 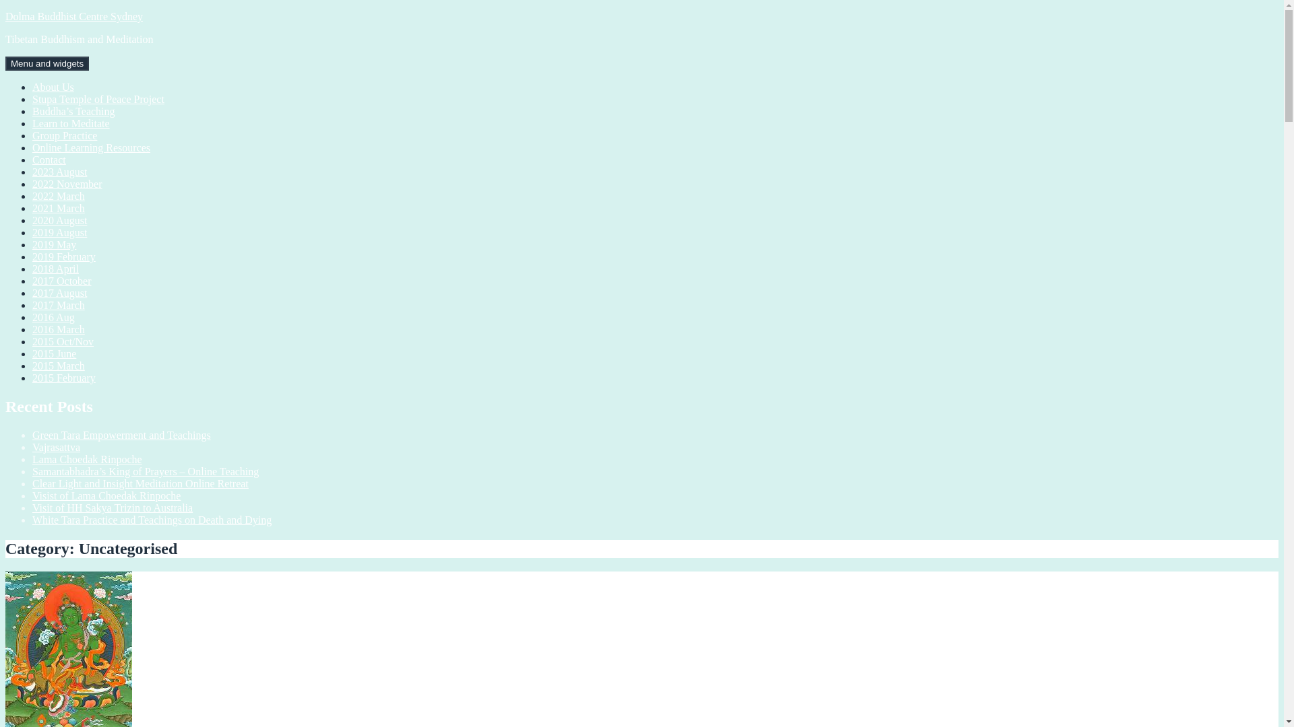 I want to click on '2015 June', so click(x=32, y=353).